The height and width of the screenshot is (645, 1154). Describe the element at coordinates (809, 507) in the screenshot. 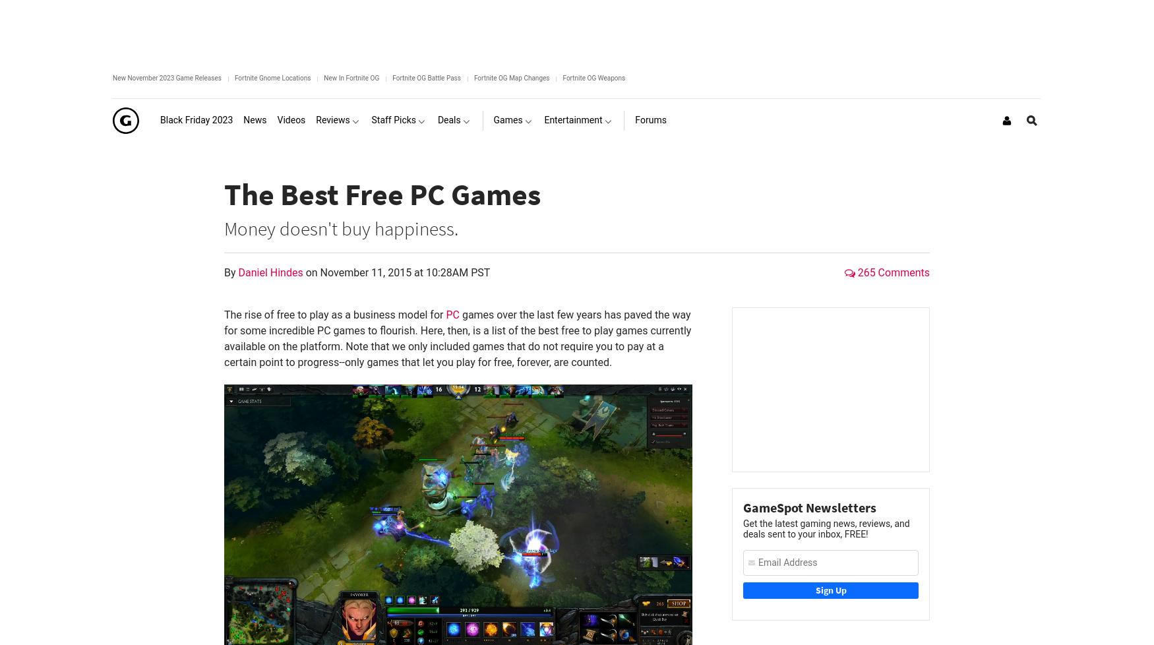

I see `'GameSpot Newsletters'` at that location.